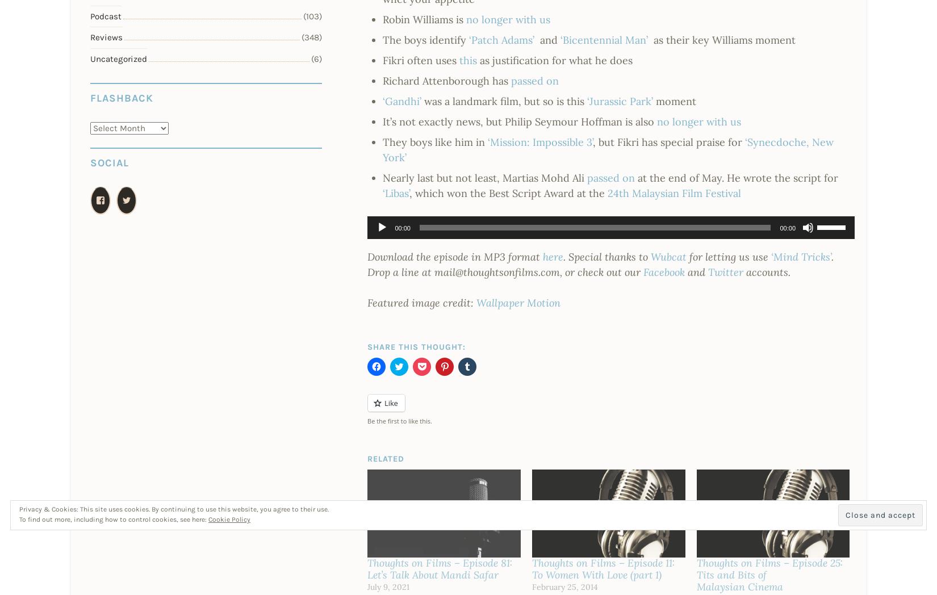 The image size is (937, 595). I want to click on '‘Mission: Impossible 3’', so click(487, 141).